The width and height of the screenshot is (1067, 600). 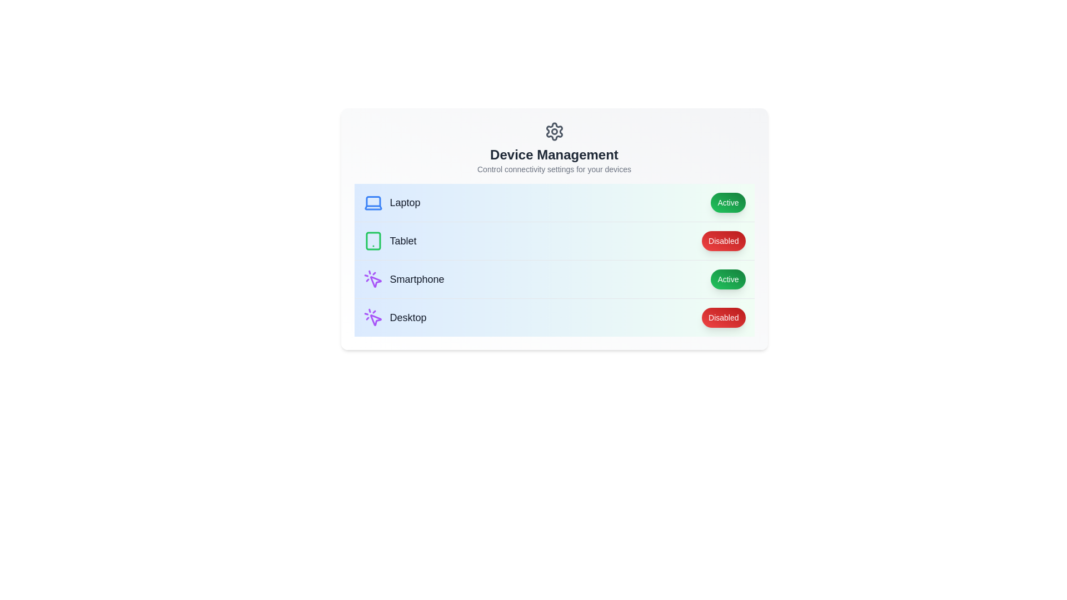 What do you see at coordinates (373, 203) in the screenshot?
I see `the icon representing the Laptop to toggle its state` at bounding box center [373, 203].